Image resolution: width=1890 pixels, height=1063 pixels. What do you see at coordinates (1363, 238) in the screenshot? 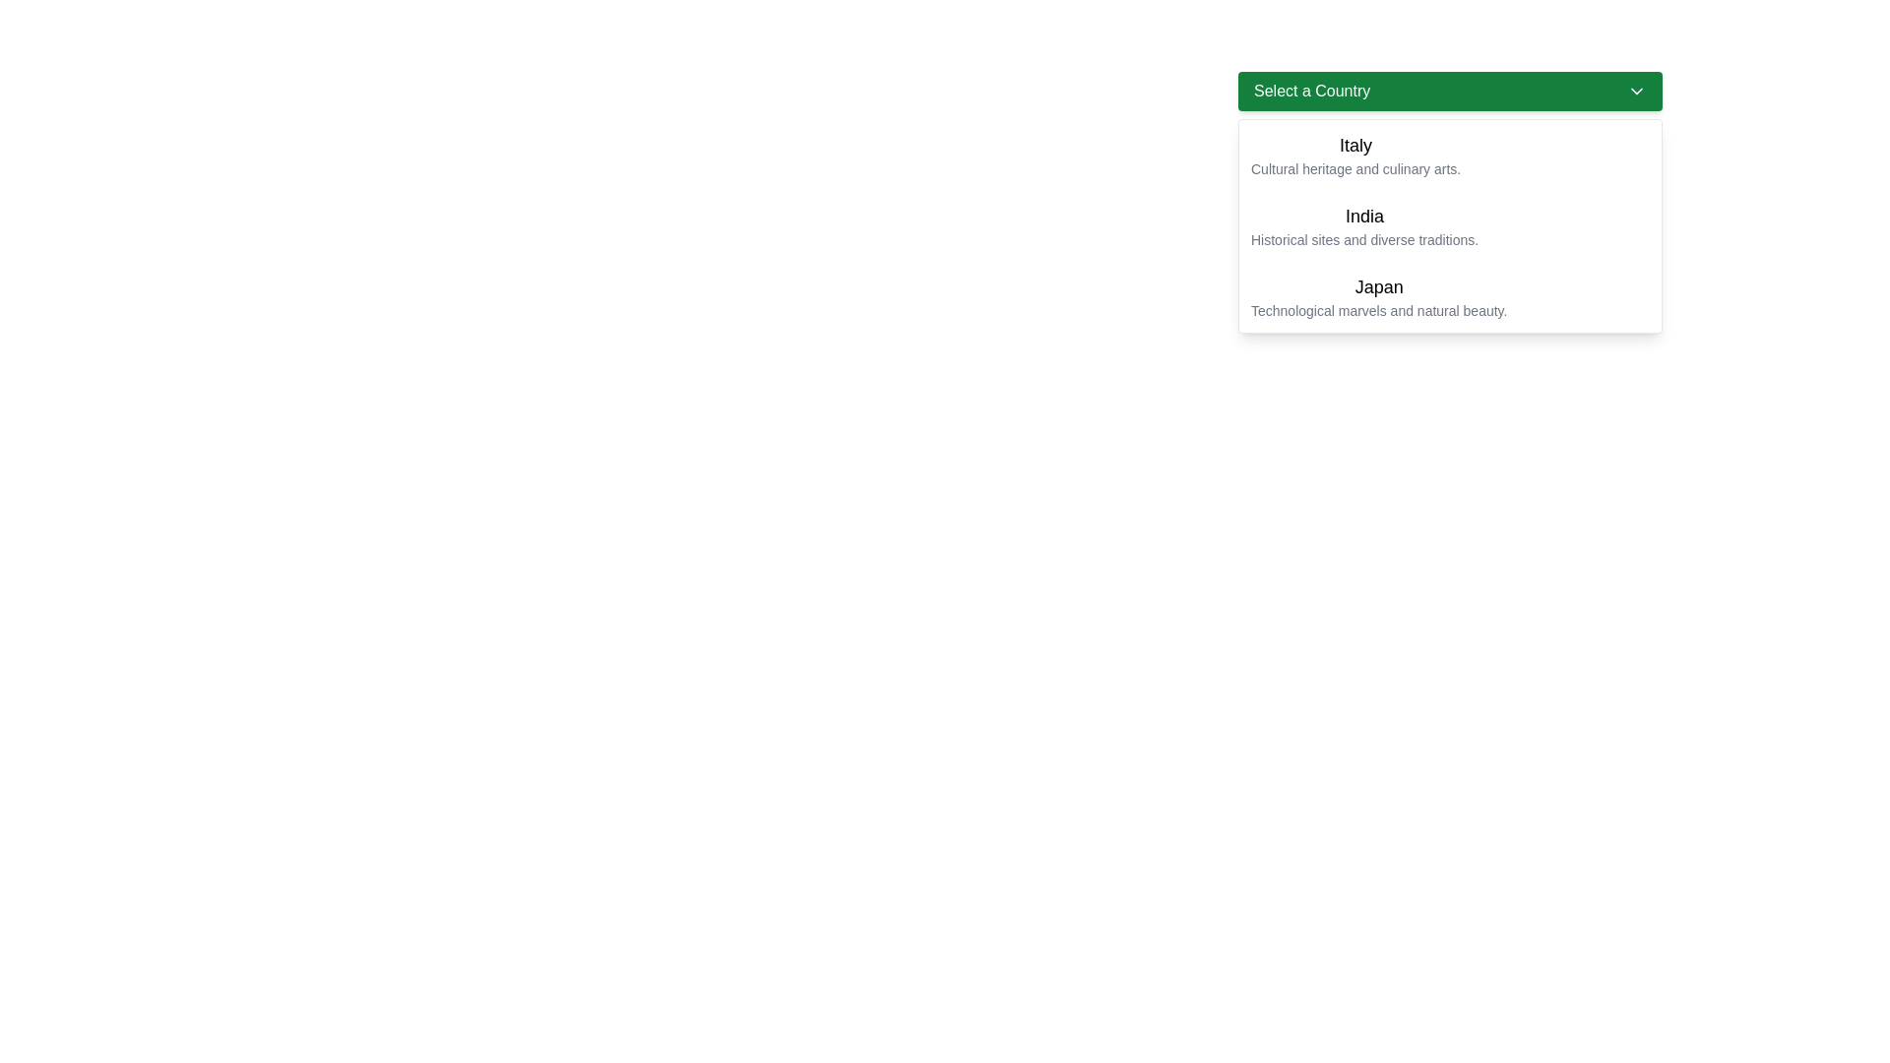
I see `supplementary information text display about the 'India' option located within the dropdown menu under the green header 'Select a Country', positioned directly below 'India'` at bounding box center [1363, 238].